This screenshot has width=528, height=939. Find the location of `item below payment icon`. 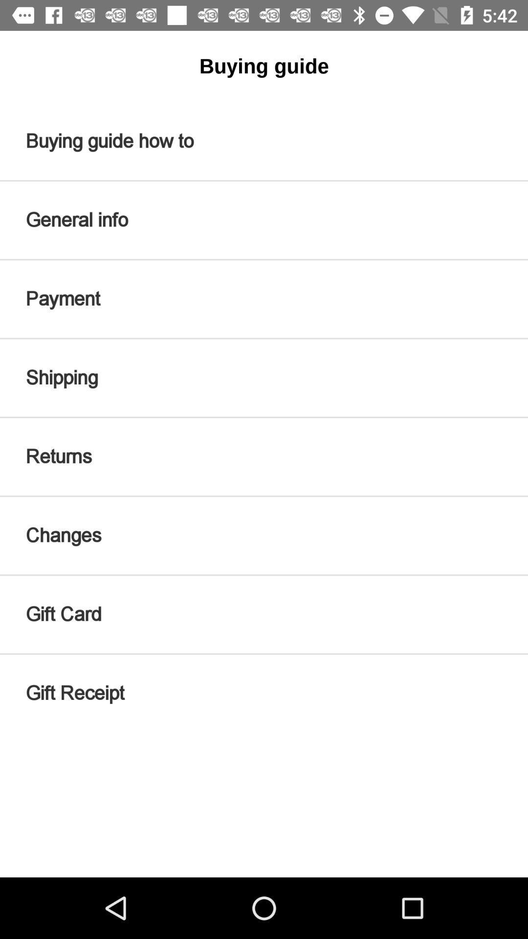

item below payment icon is located at coordinates (264, 377).